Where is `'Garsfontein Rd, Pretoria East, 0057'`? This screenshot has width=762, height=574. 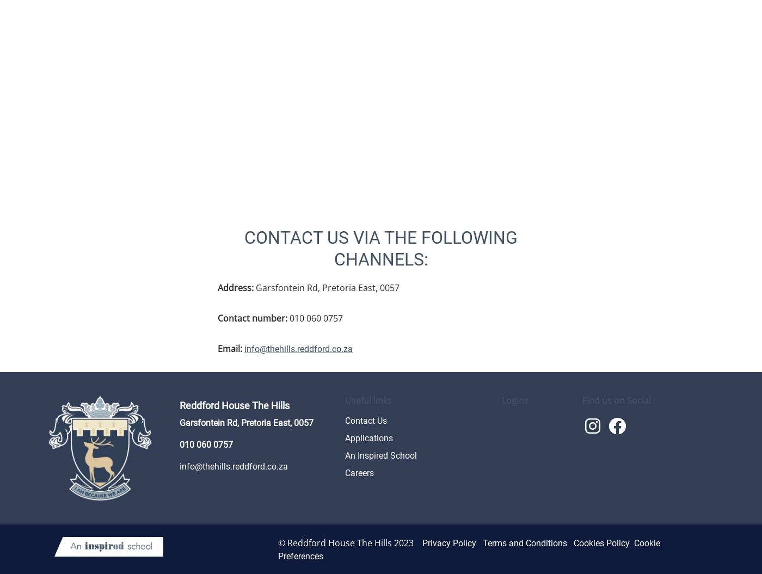 'Garsfontein Rd, Pretoria East, 0057' is located at coordinates (254, 287).